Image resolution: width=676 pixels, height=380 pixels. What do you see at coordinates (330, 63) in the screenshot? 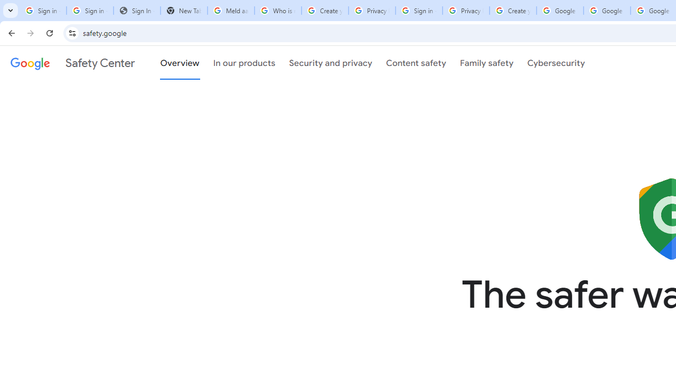
I see `'Security and privacy'` at bounding box center [330, 63].